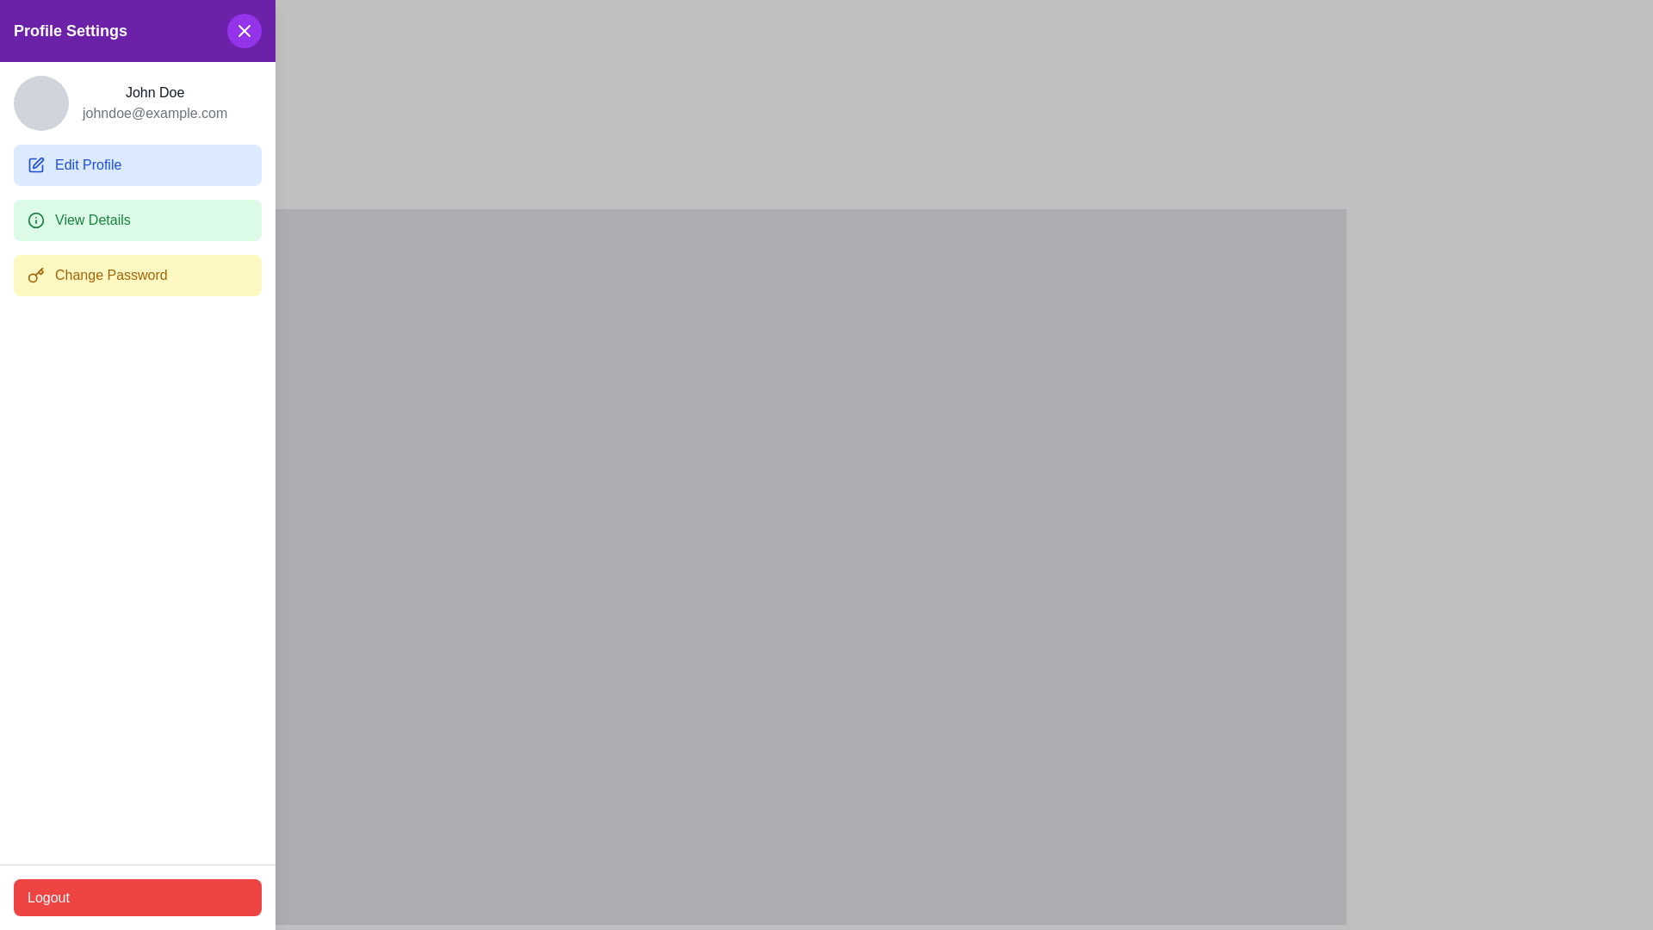 The height and width of the screenshot is (930, 1653). Describe the element at coordinates (36, 165) in the screenshot. I see `the 'Edit Profile' icon, which is located inside the 'Edit Profile' button in the sidebar, positioned above the 'View Details' option` at that location.